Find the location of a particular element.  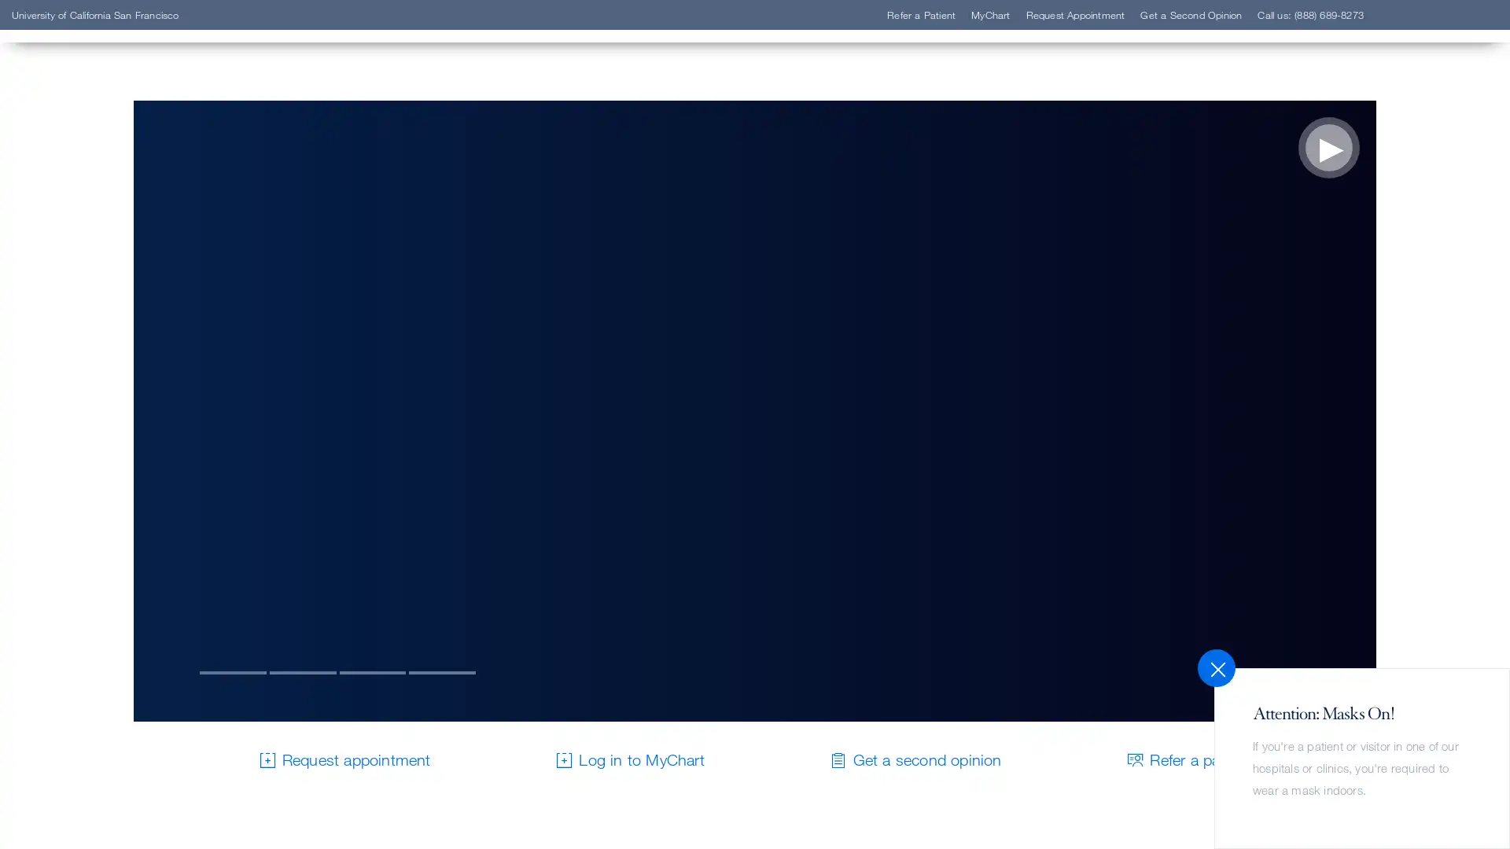

Clinics is located at coordinates (85, 277).